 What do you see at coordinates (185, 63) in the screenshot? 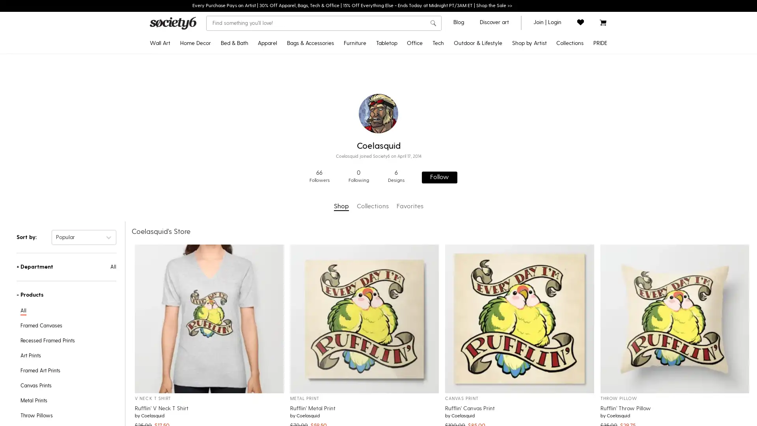
I see `Art Prints` at bounding box center [185, 63].